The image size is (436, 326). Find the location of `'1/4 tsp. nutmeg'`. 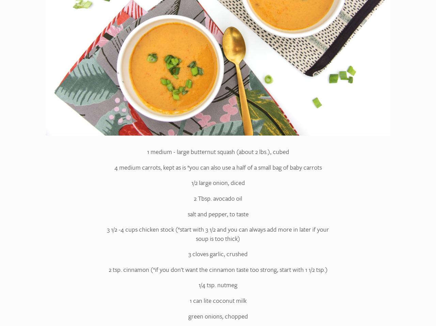

'1/4 tsp. nutmeg' is located at coordinates (218, 284).